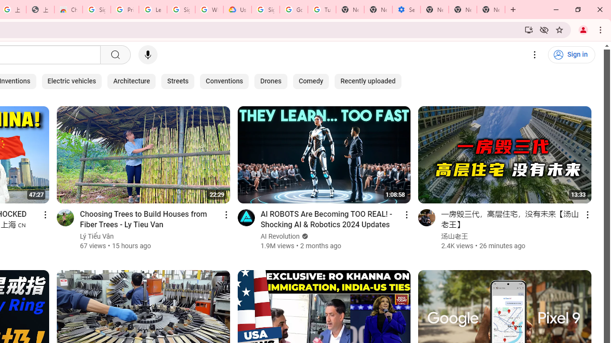 Image resolution: width=611 pixels, height=343 pixels. What do you see at coordinates (293, 10) in the screenshot?
I see `'Google Account Help'` at bounding box center [293, 10].